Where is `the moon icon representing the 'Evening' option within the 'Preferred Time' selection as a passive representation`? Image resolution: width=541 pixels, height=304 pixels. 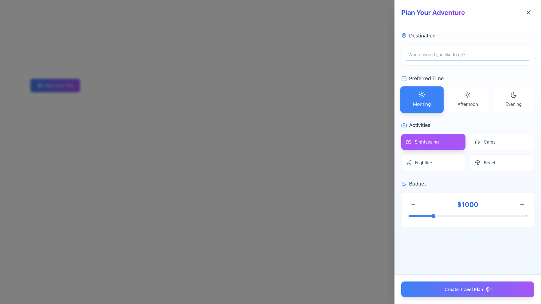
the moon icon representing the 'Evening' option within the 'Preferred Time' selection as a passive representation is located at coordinates (513, 95).